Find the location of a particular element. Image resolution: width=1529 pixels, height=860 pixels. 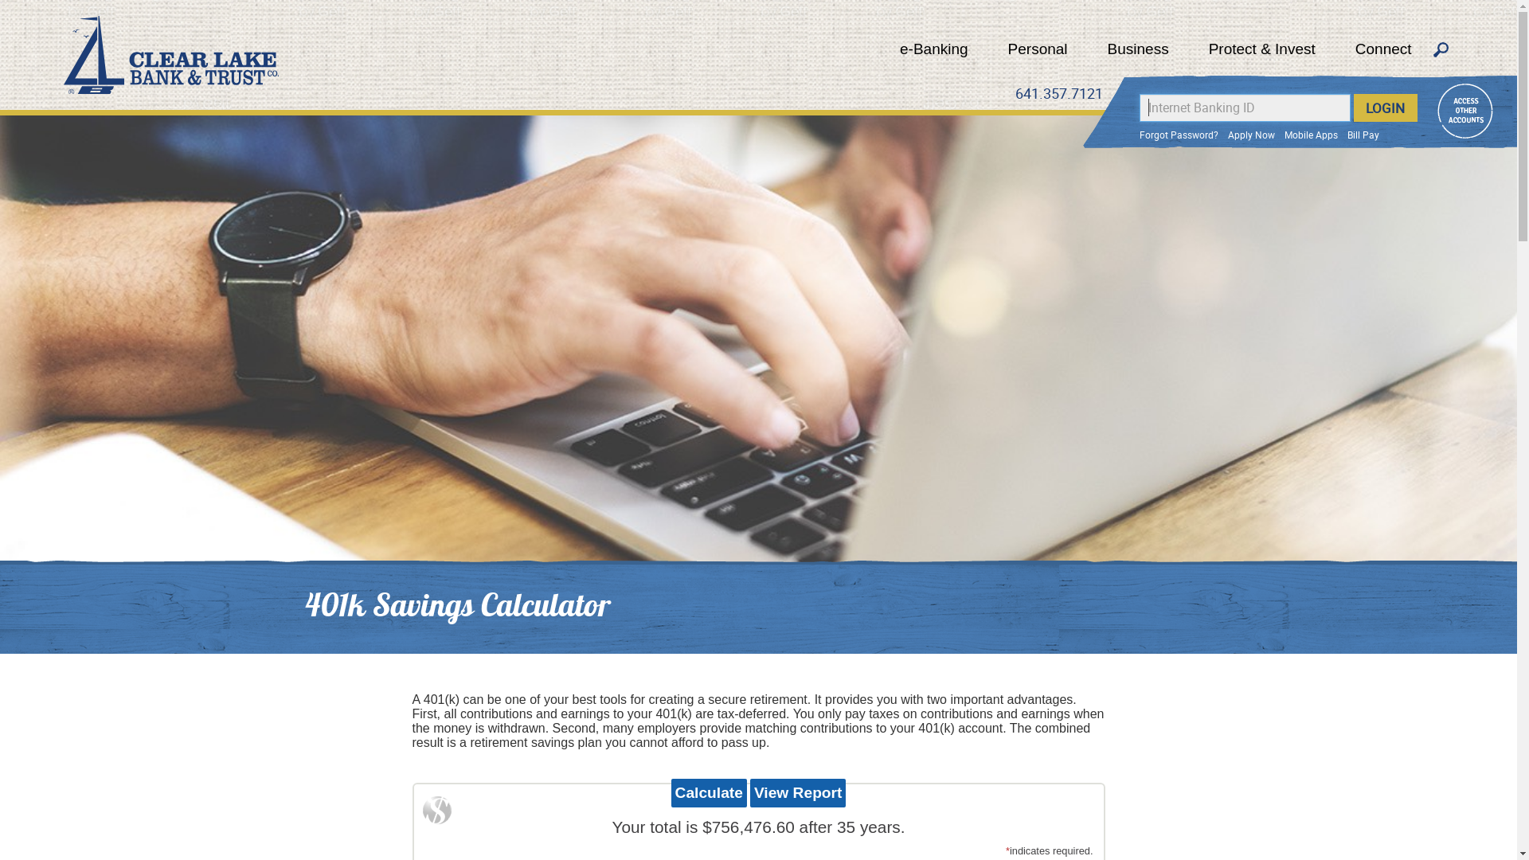

'LOGIN' is located at coordinates (1384, 107).